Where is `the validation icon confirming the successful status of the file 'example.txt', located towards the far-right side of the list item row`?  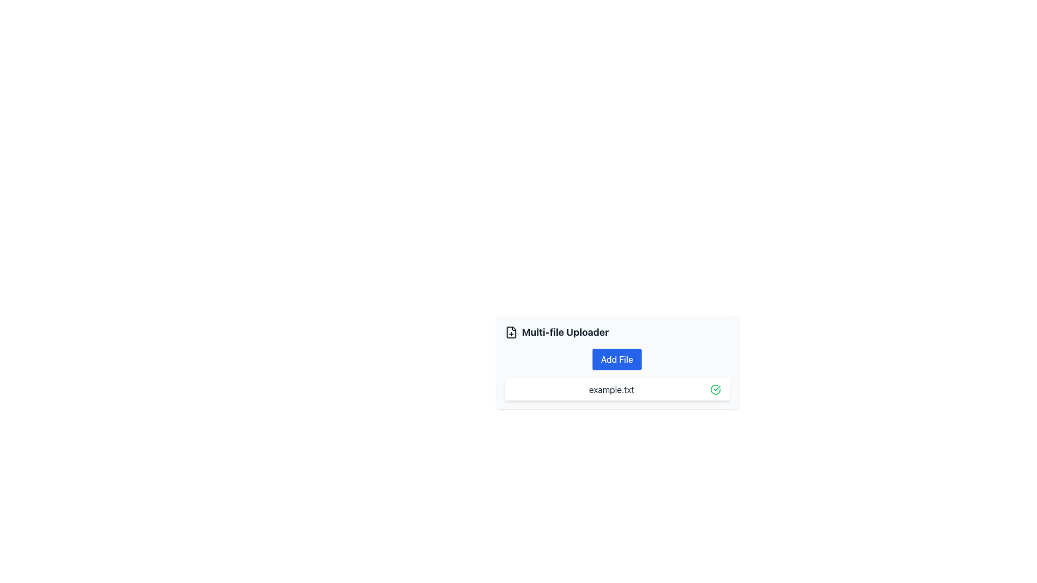
the validation icon confirming the successful status of the file 'example.txt', located towards the far-right side of the list item row is located at coordinates (715, 389).